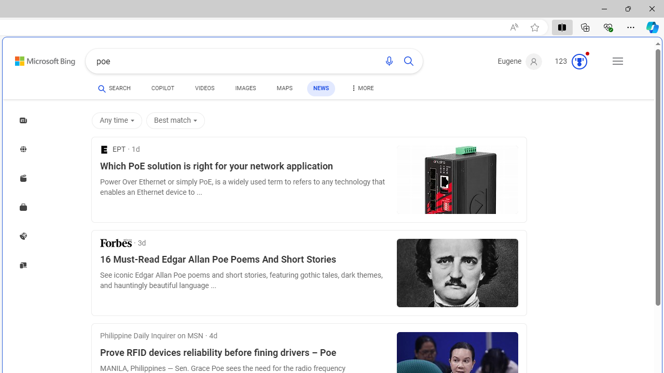  What do you see at coordinates (389, 61) in the screenshot?
I see `'Search using voice'` at bounding box center [389, 61].